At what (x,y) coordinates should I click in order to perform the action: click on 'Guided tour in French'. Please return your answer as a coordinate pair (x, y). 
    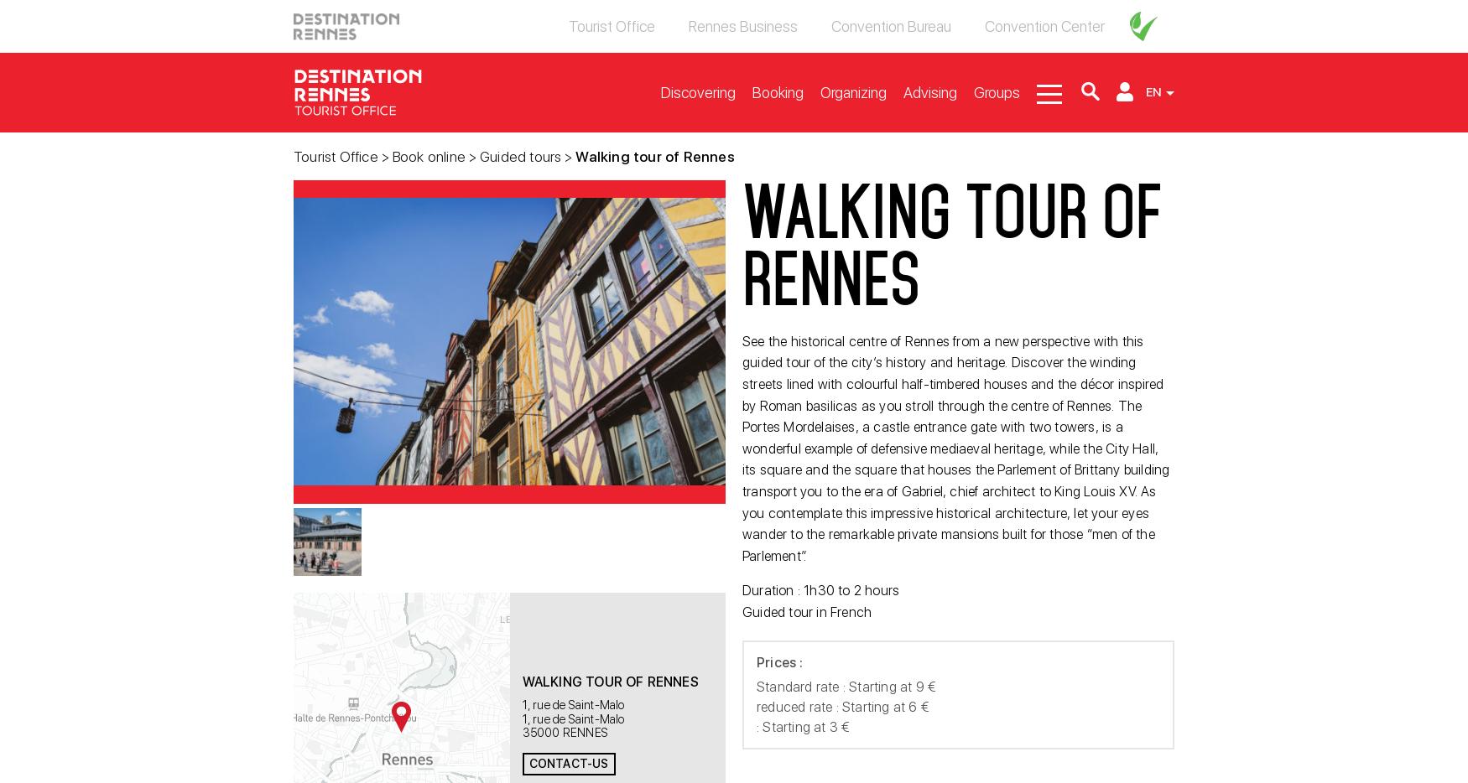
    Looking at the image, I should click on (806, 611).